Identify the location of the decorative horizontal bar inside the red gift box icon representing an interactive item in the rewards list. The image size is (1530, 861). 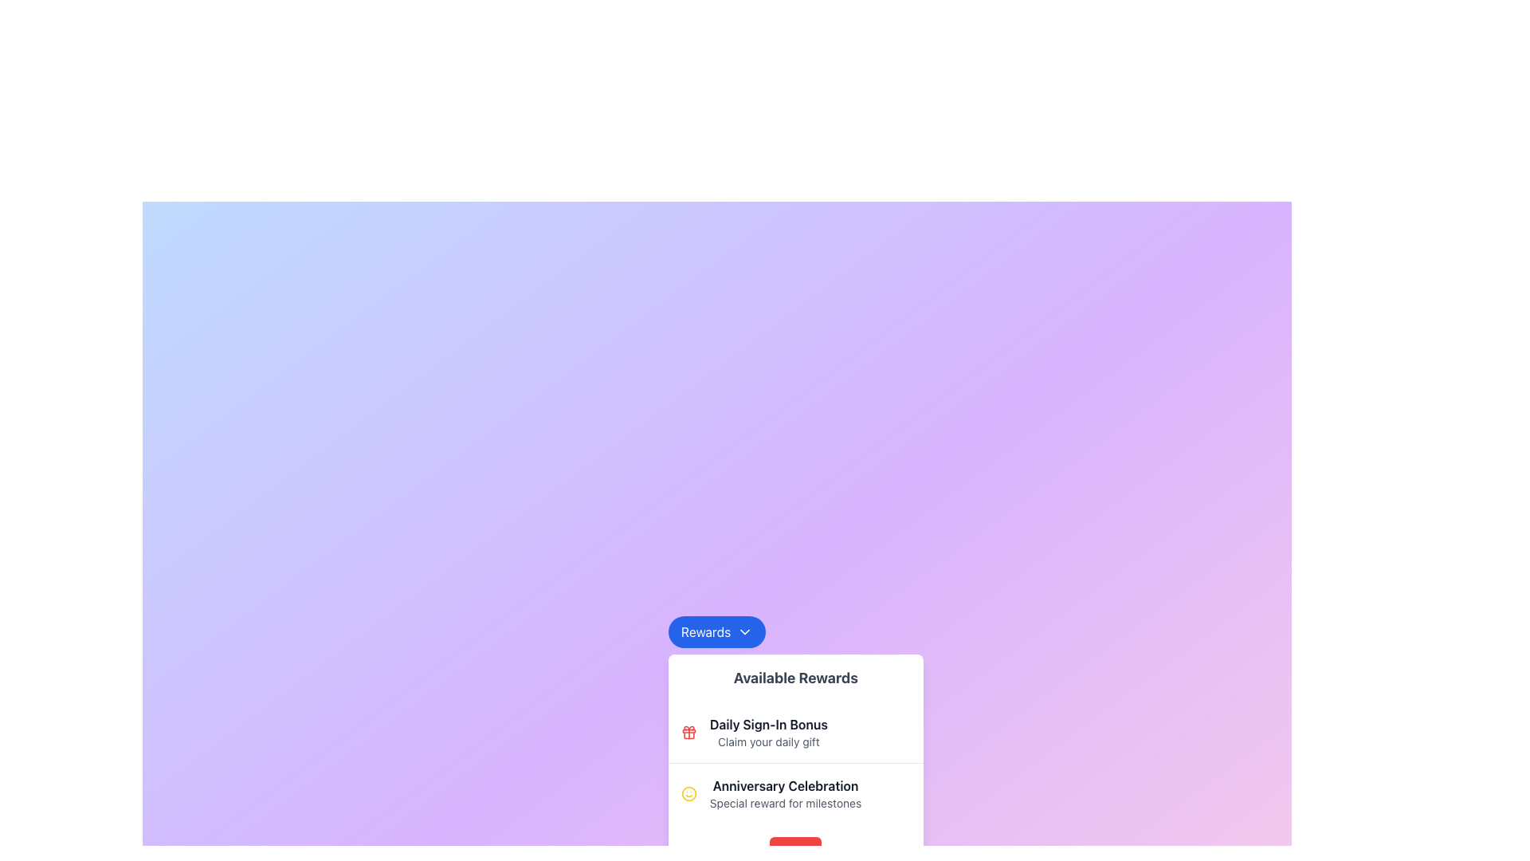
(688, 731).